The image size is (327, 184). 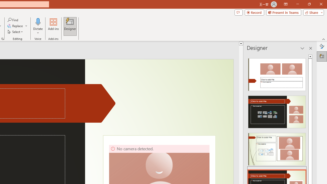 I want to click on 'Replace...', so click(x=18, y=26).